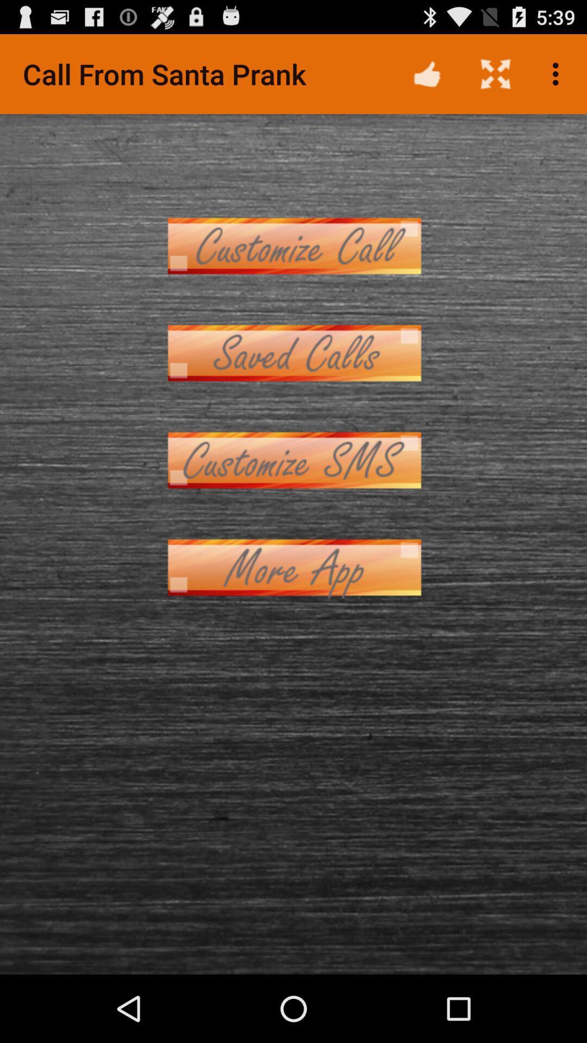 The height and width of the screenshot is (1043, 587). I want to click on the app next to call from santa item, so click(427, 73).